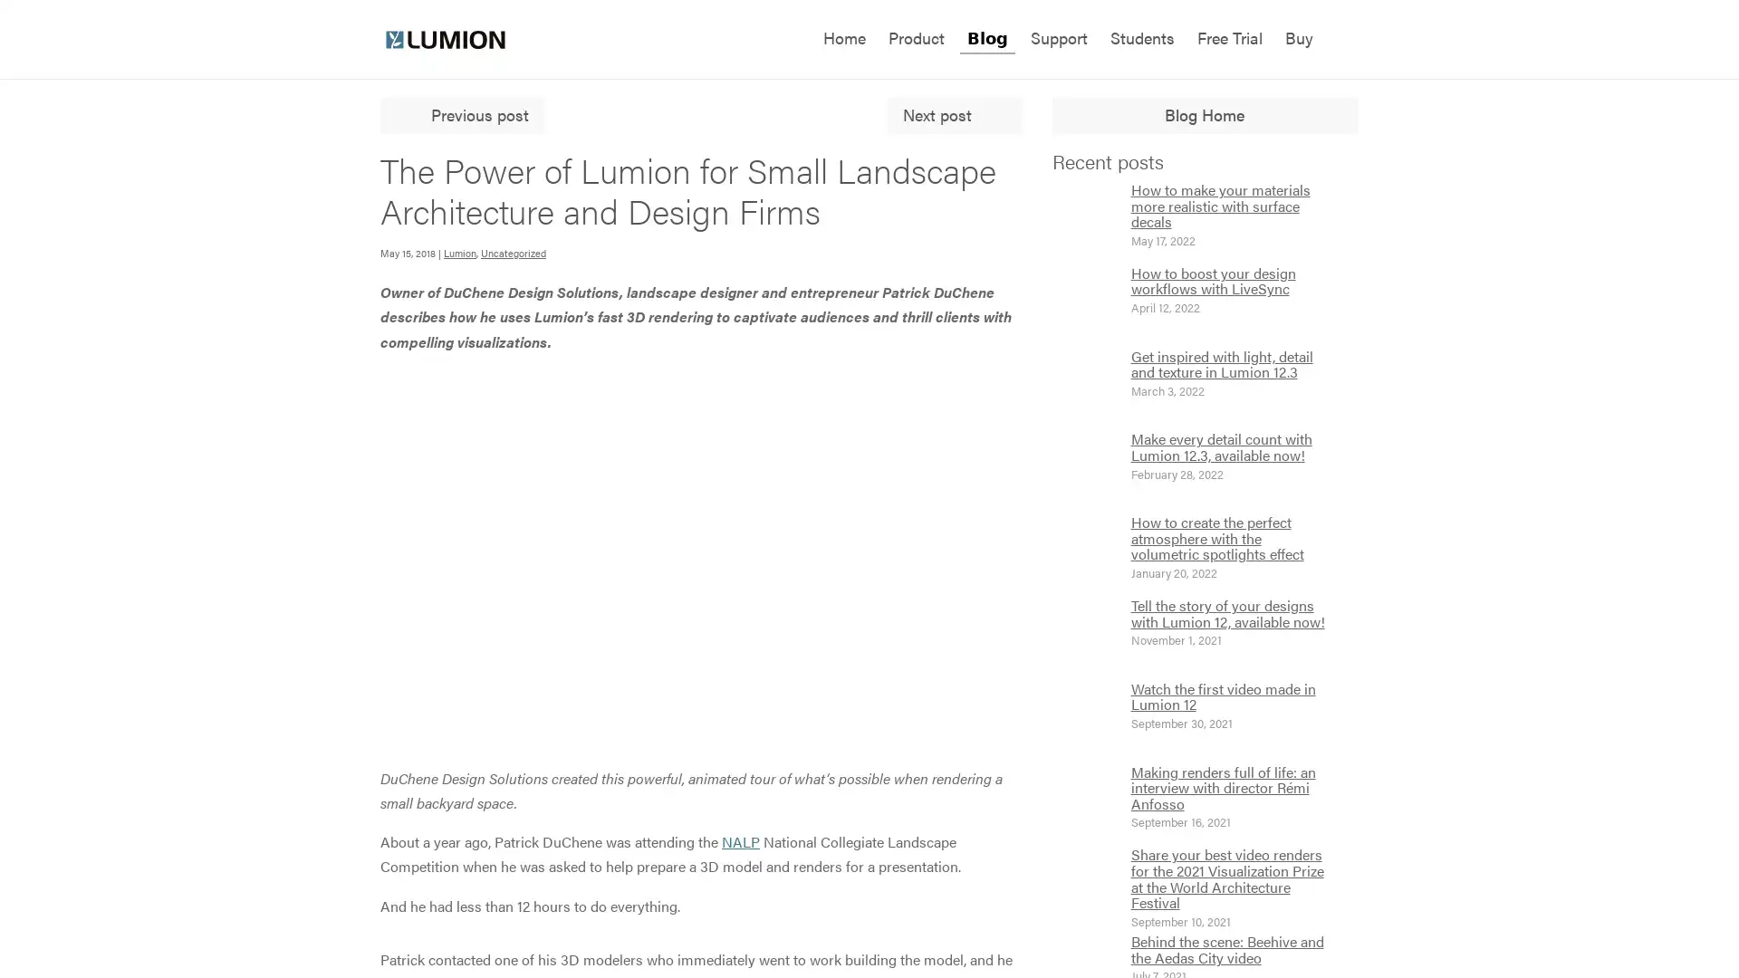  I want to click on Cookie Settings, so click(184, 907).